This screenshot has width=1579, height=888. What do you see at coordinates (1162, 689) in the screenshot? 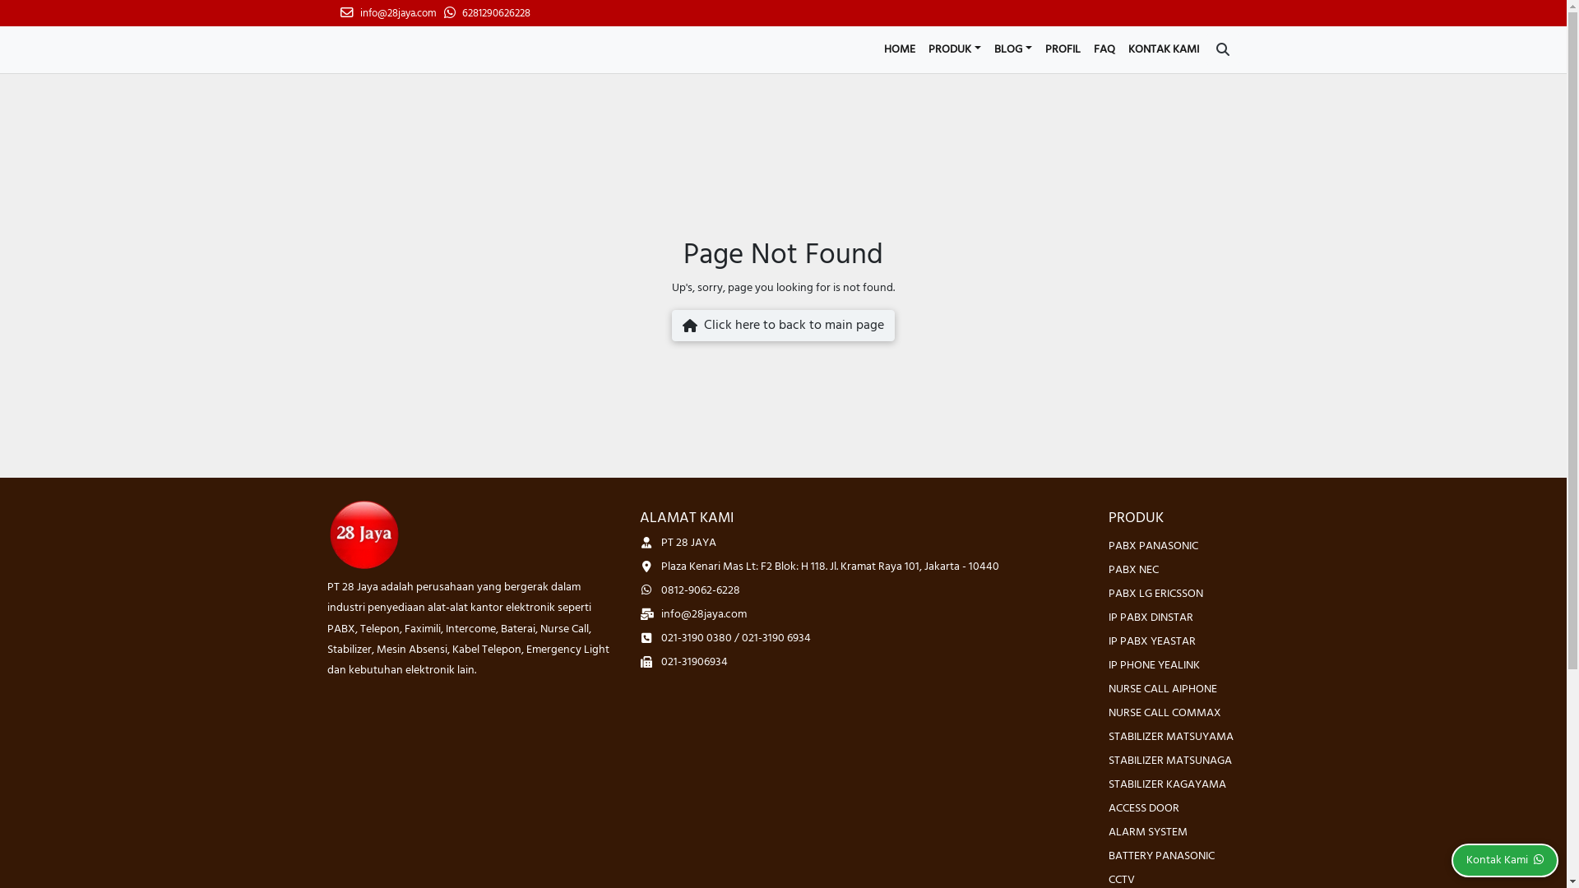
I see `'NURSE CALL AIPHONE'` at bounding box center [1162, 689].